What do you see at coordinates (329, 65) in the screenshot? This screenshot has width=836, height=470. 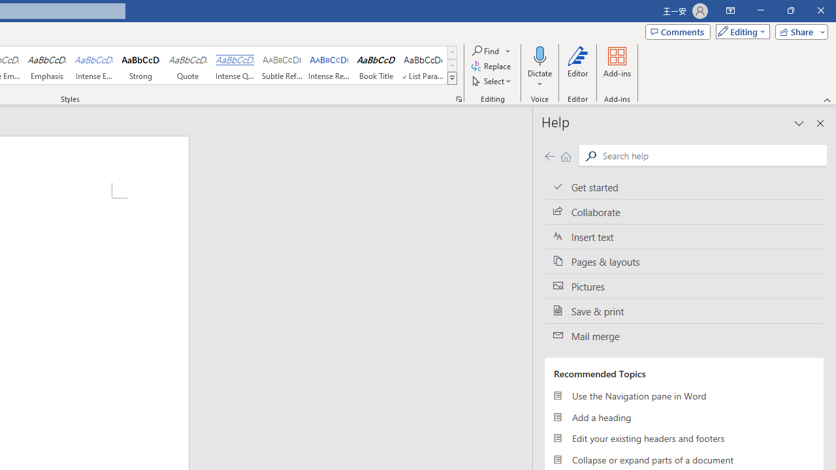 I see `'Intense Reference'` at bounding box center [329, 65].